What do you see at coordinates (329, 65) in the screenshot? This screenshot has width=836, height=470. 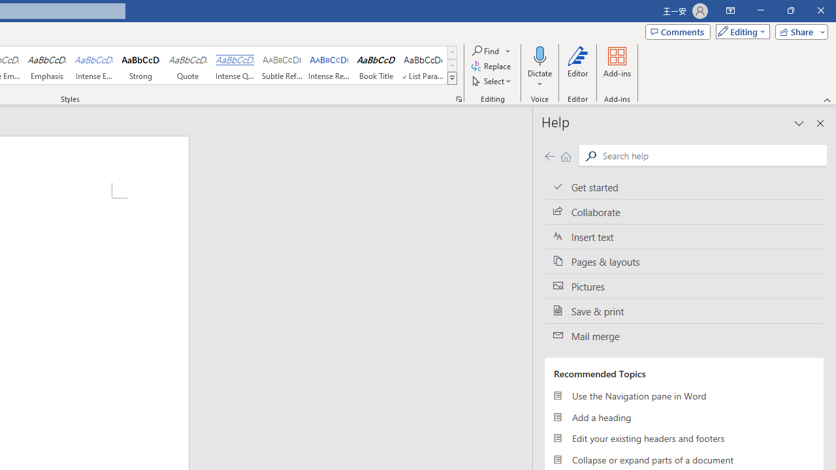 I see `'Intense Reference'` at bounding box center [329, 65].